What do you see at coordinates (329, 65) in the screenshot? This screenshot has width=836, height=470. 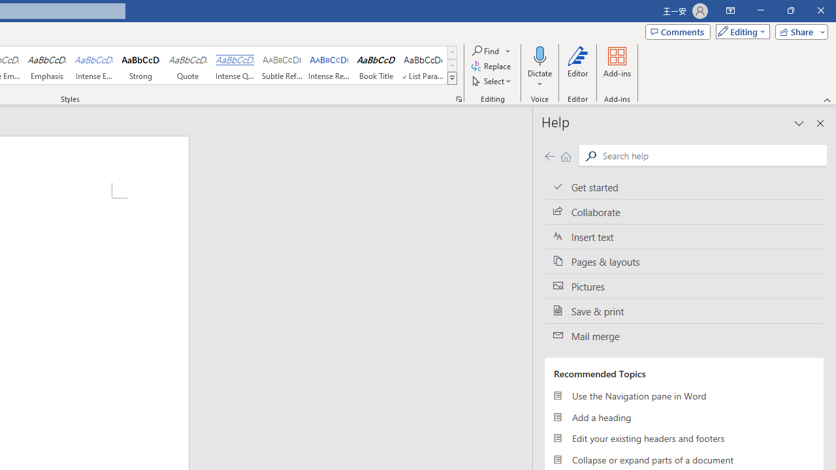 I see `'Intense Reference'` at bounding box center [329, 65].